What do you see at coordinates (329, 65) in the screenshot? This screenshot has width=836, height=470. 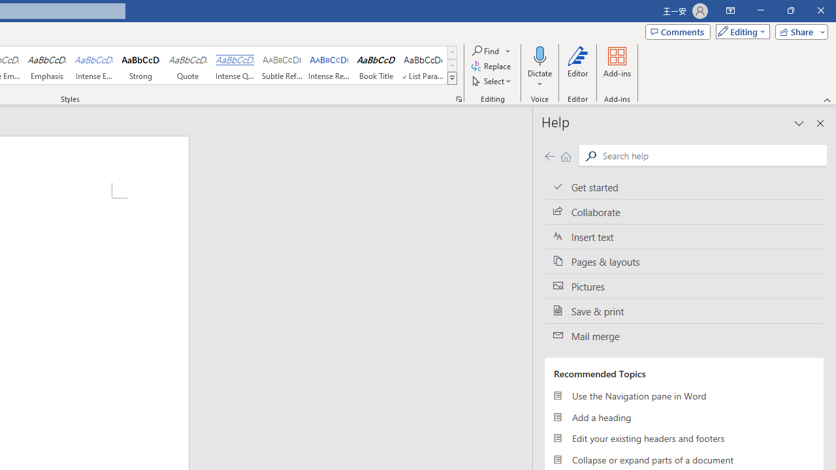 I see `'Intense Reference'` at bounding box center [329, 65].